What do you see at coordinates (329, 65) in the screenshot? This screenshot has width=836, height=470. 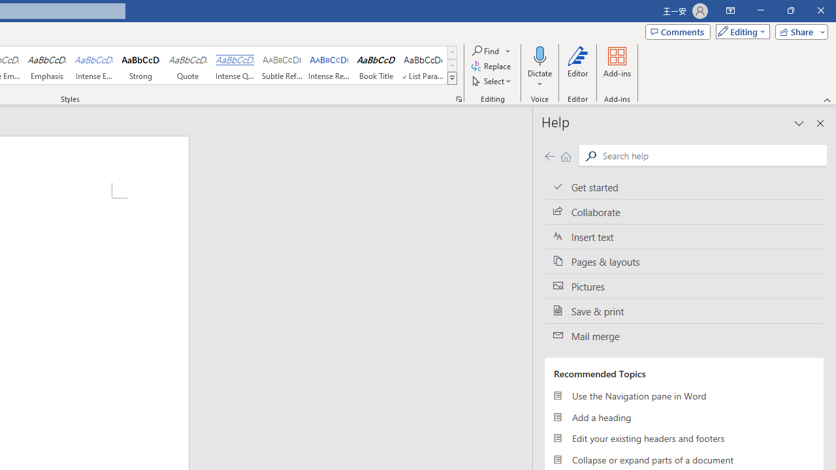 I see `'Intense Reference'` at bounding box center [329, 65].